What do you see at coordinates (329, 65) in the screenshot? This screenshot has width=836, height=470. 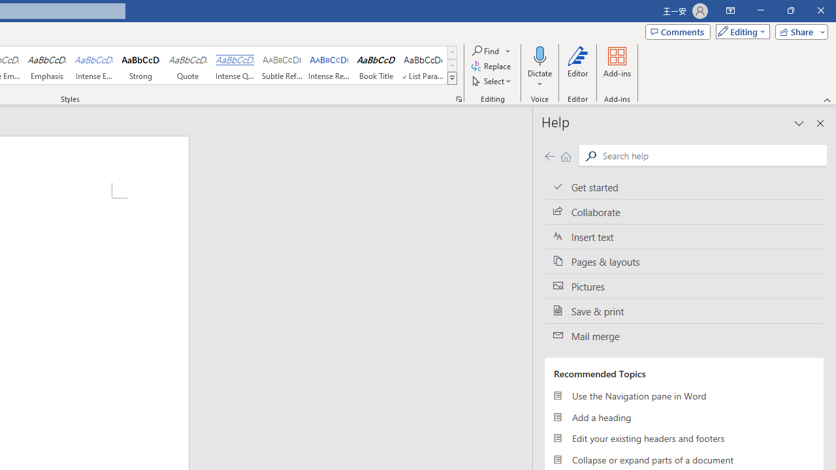 I see `'Intense Reference'` at bounding box center [329, 65].